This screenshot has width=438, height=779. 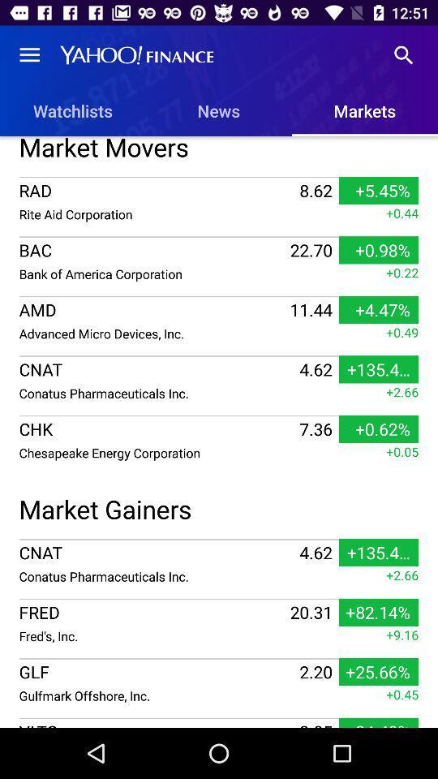 What do you see at coordinates (219, 506) in the screenshot?
I see `the icon below the chesapeake energy corporation` at bounding box center [219, 506].